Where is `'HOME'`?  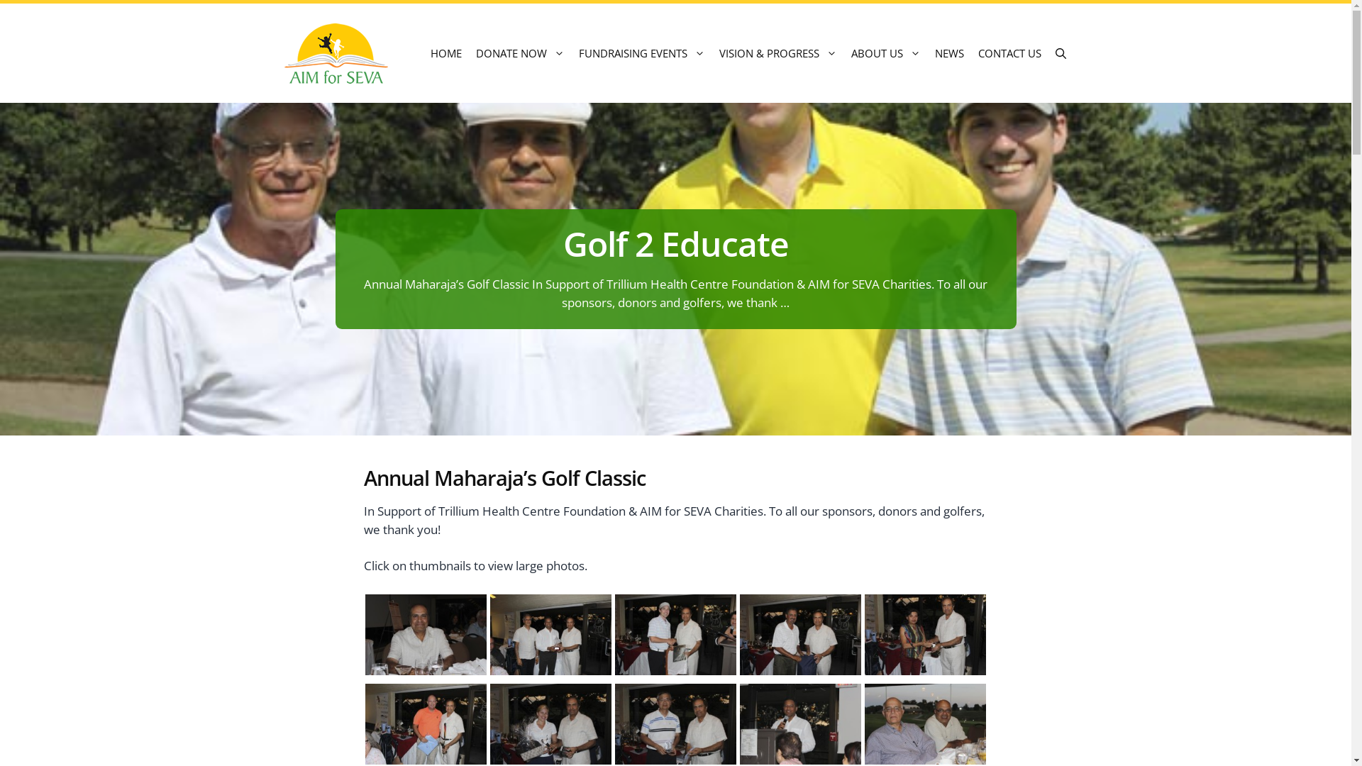 'HOME' is located at coordinates (445, 52).